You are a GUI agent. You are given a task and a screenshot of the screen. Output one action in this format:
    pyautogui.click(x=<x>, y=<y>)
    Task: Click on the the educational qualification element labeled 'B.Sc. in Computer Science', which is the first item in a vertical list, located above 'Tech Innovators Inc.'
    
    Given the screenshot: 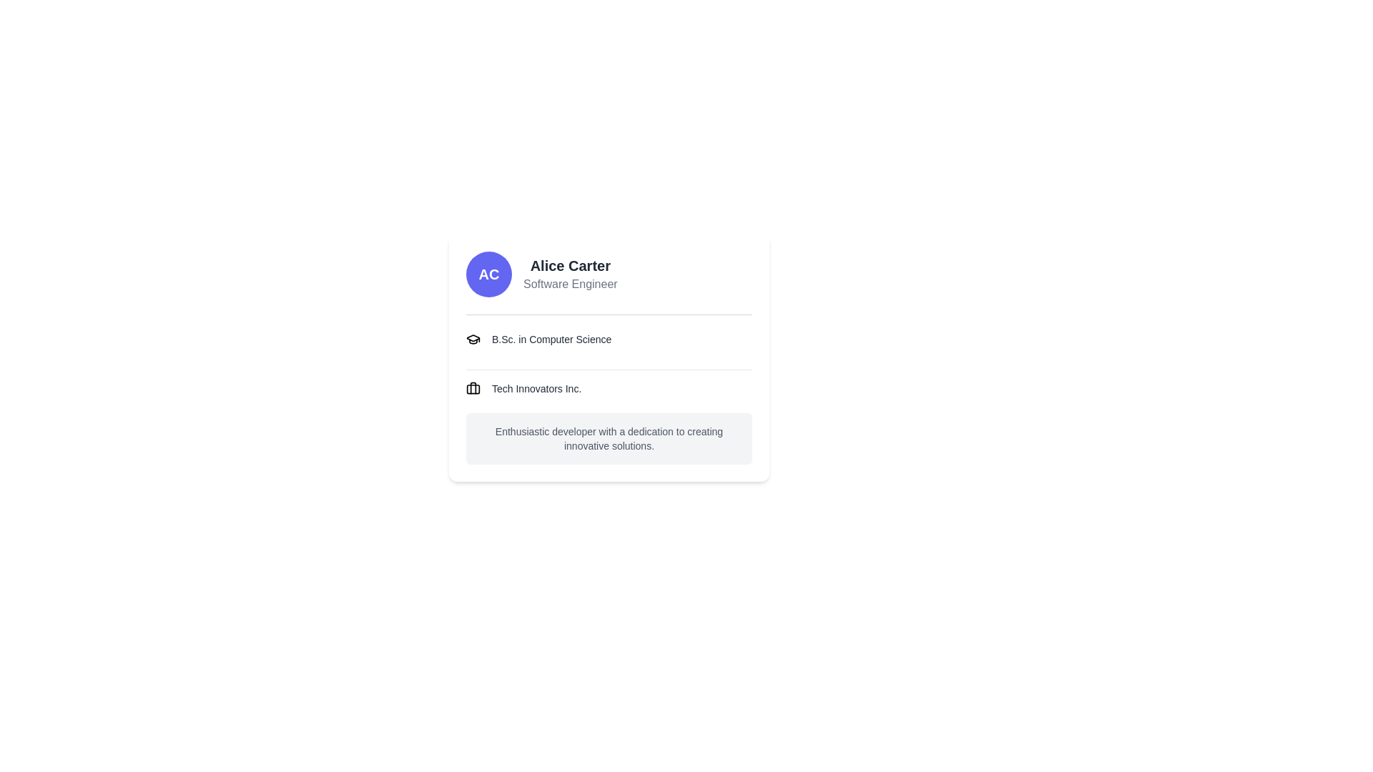 What is the action you would take?
    pyautogui.click(x=609, y=345)
    